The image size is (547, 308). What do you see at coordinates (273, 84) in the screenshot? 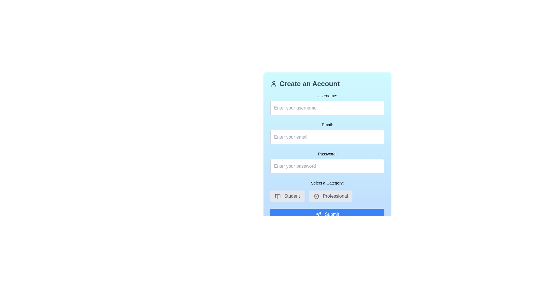
I see `the 'Create an Account' icon located near the top-left corner of the interface, preceding the text heading 'Create an Account'` at bounding box center [273, 84].